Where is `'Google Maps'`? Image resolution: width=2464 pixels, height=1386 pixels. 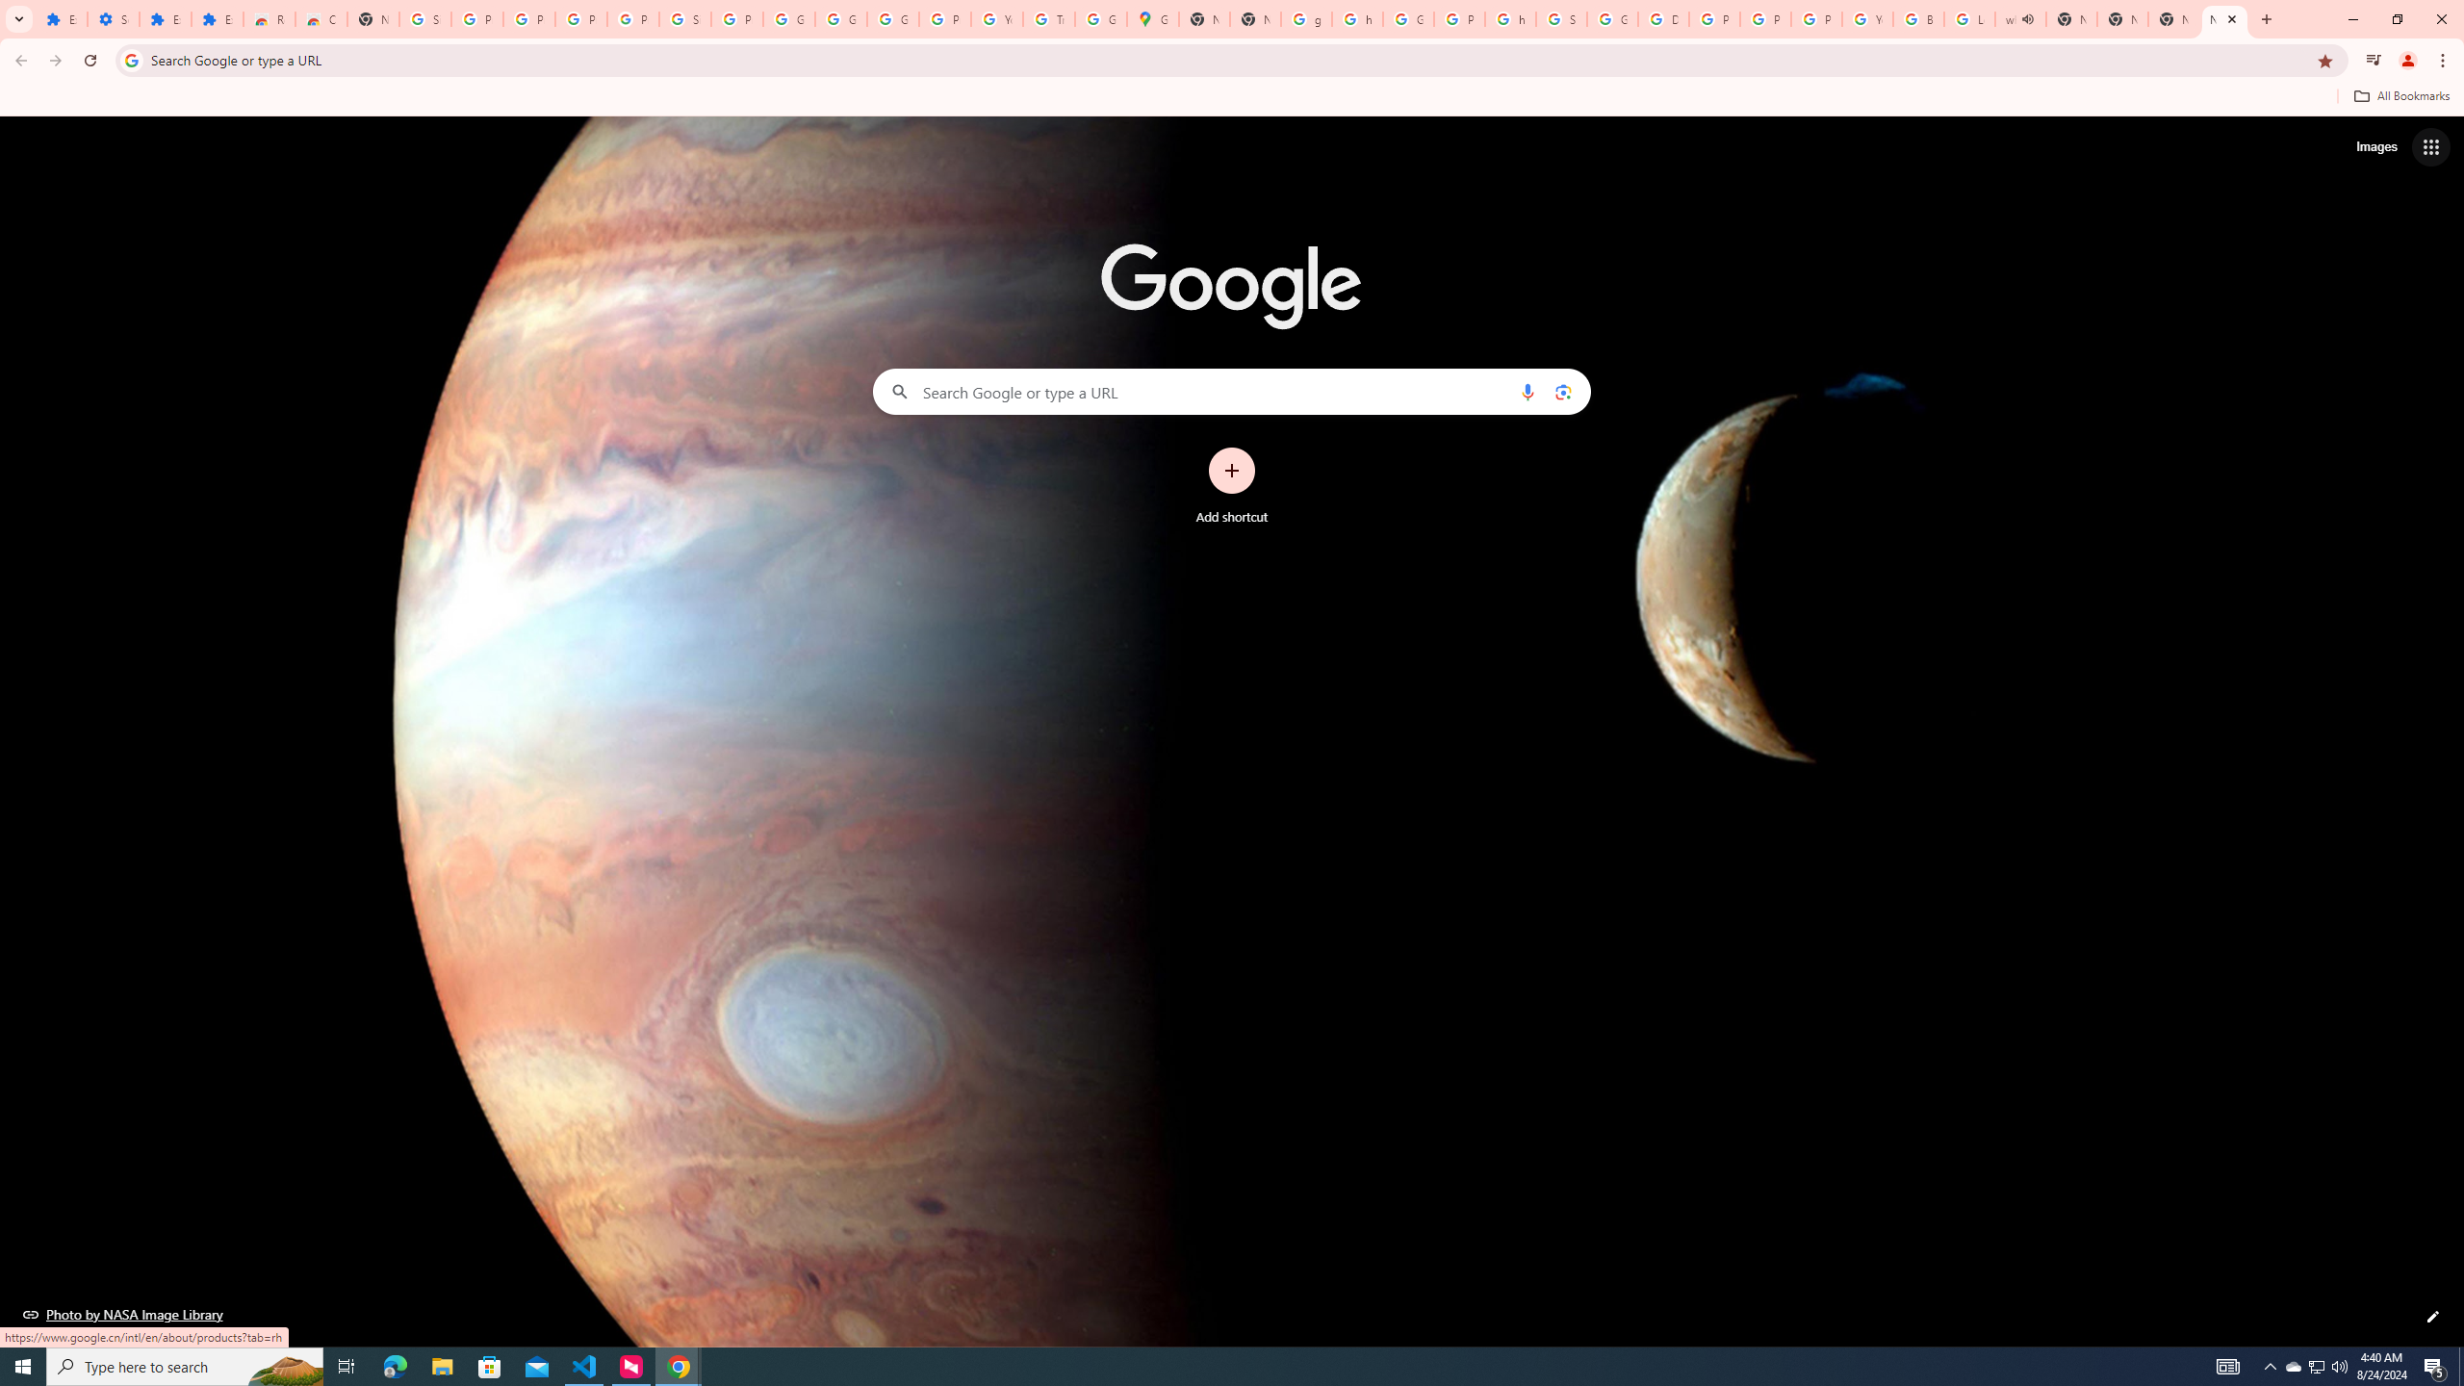 'Google Maps' is located at coordinates (1153, 18).